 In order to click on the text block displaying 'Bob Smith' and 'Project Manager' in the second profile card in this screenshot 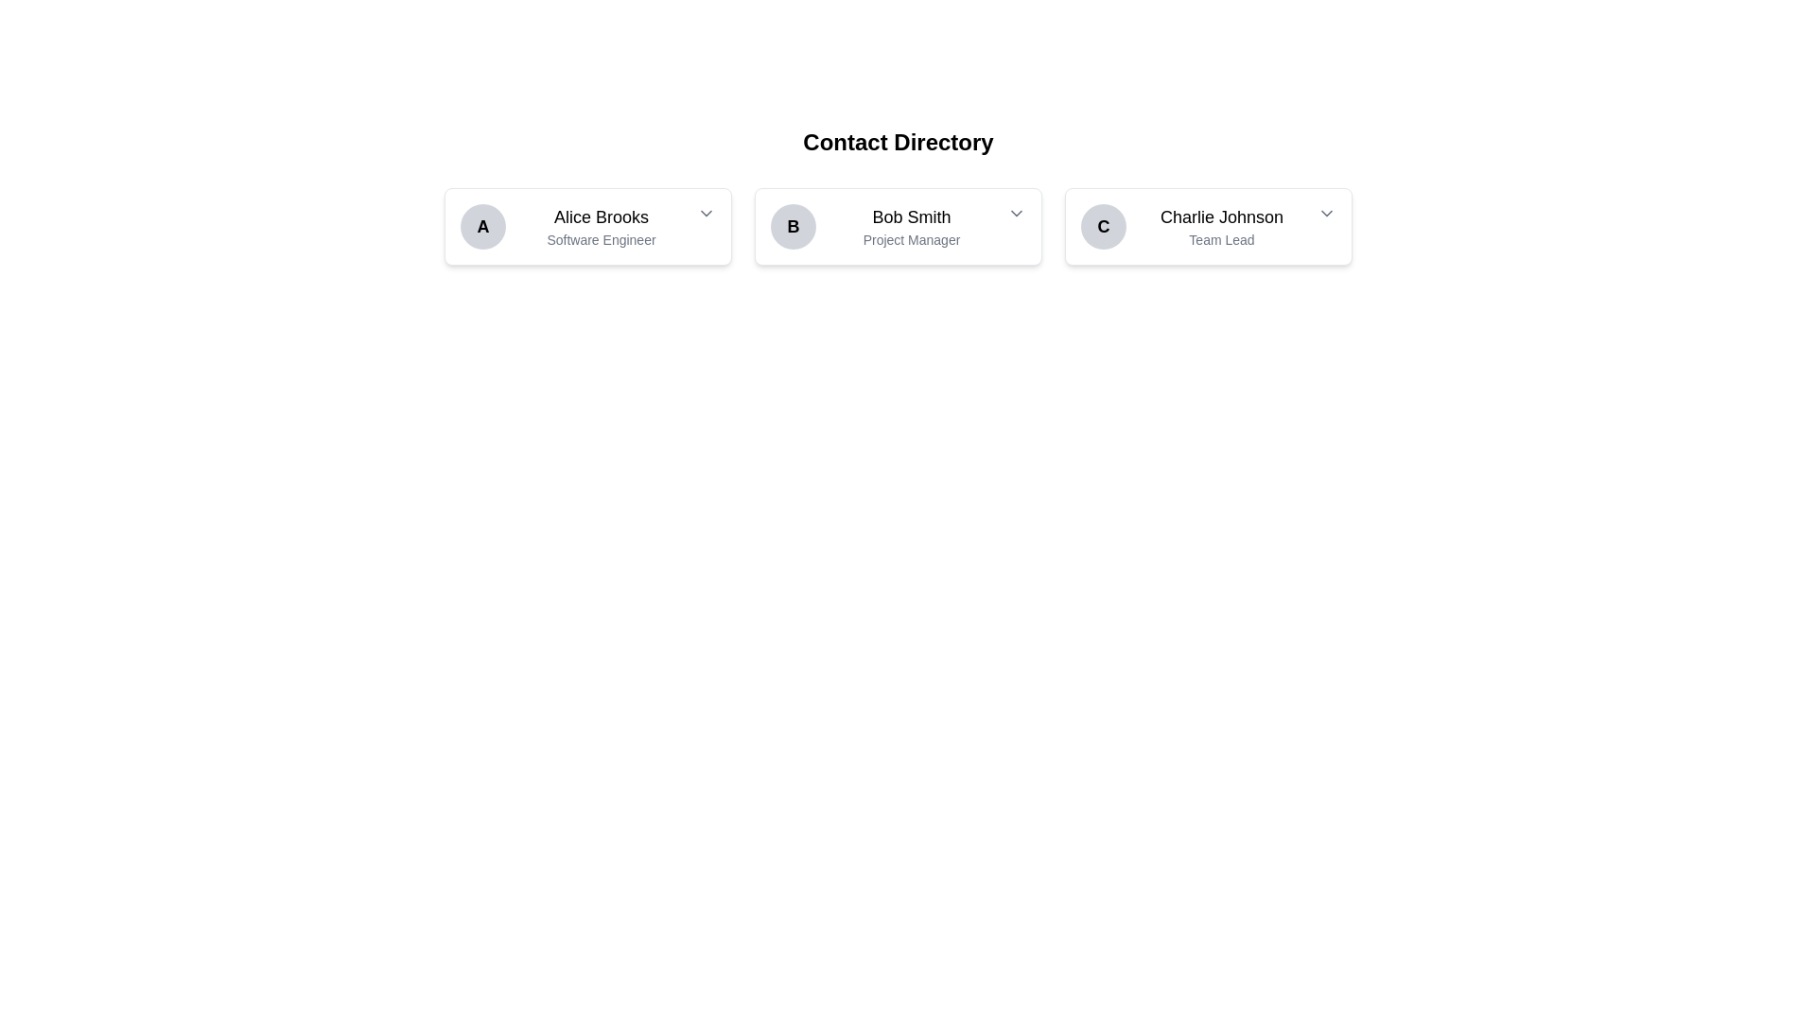, I will do `click(912, 225)`.